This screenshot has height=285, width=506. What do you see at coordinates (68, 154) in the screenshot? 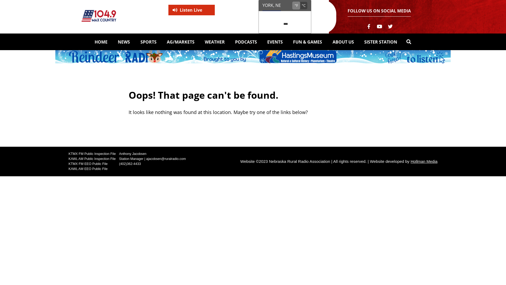
I see `'KTMX FM Public Inspection File'` at bounding box center [68, 154].